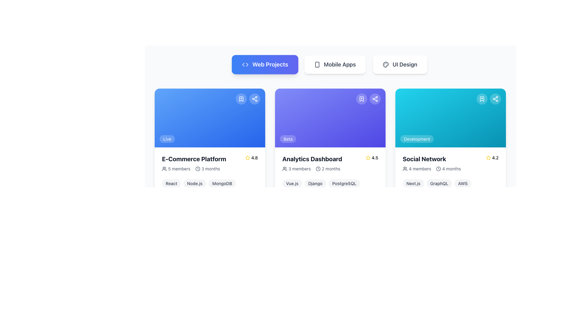 The height and width of the screenshot is (331, 588). I want to click on the Circle graphical indicator that represents the boundary of the clock icon located at the top-right corner of the middle card in a horizontal layout of three cards, so click(318, 169).